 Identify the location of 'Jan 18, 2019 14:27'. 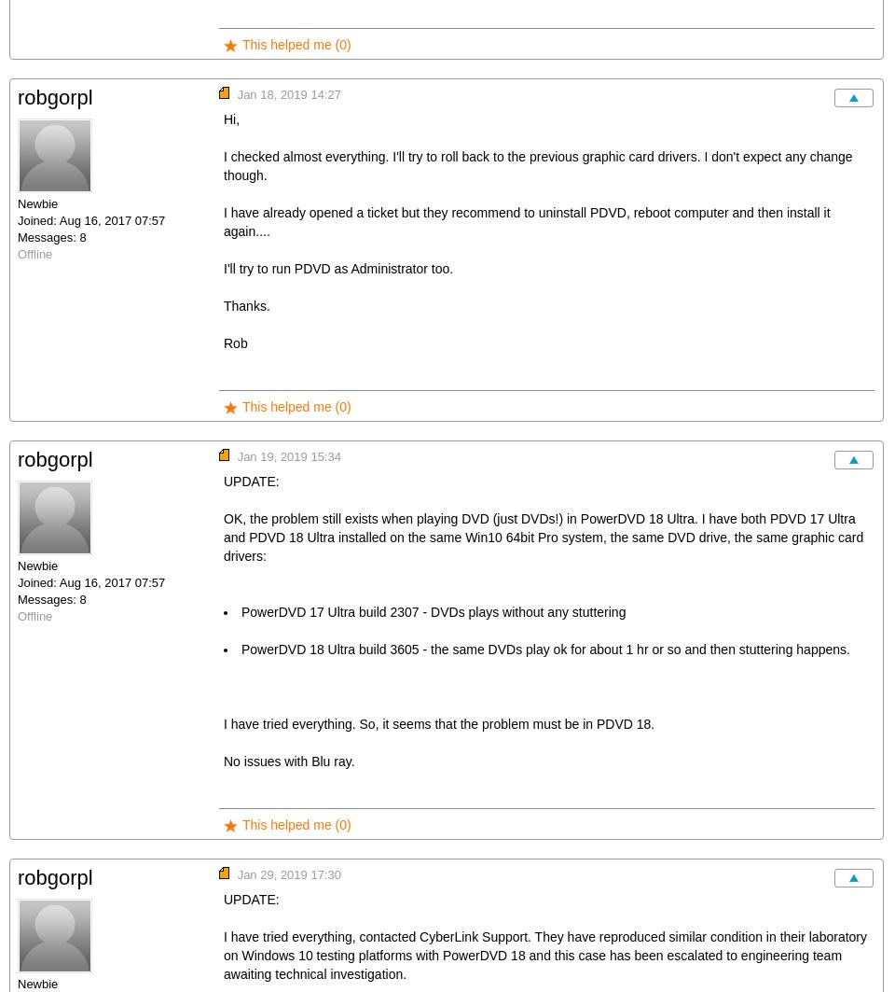
(236, 94).